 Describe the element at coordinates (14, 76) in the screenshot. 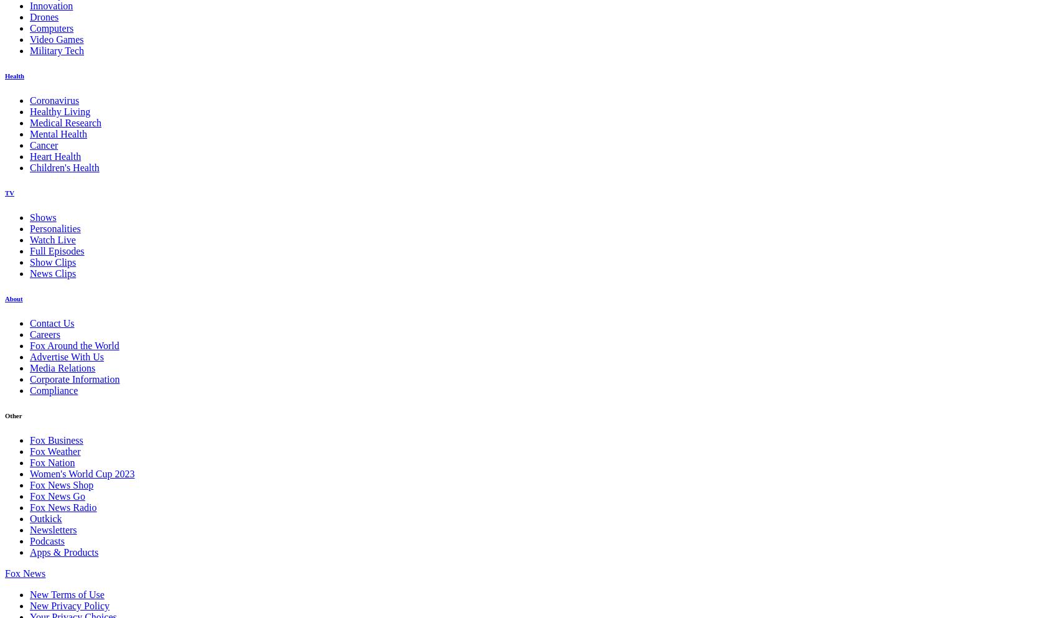

I see `'Health'` at that location.